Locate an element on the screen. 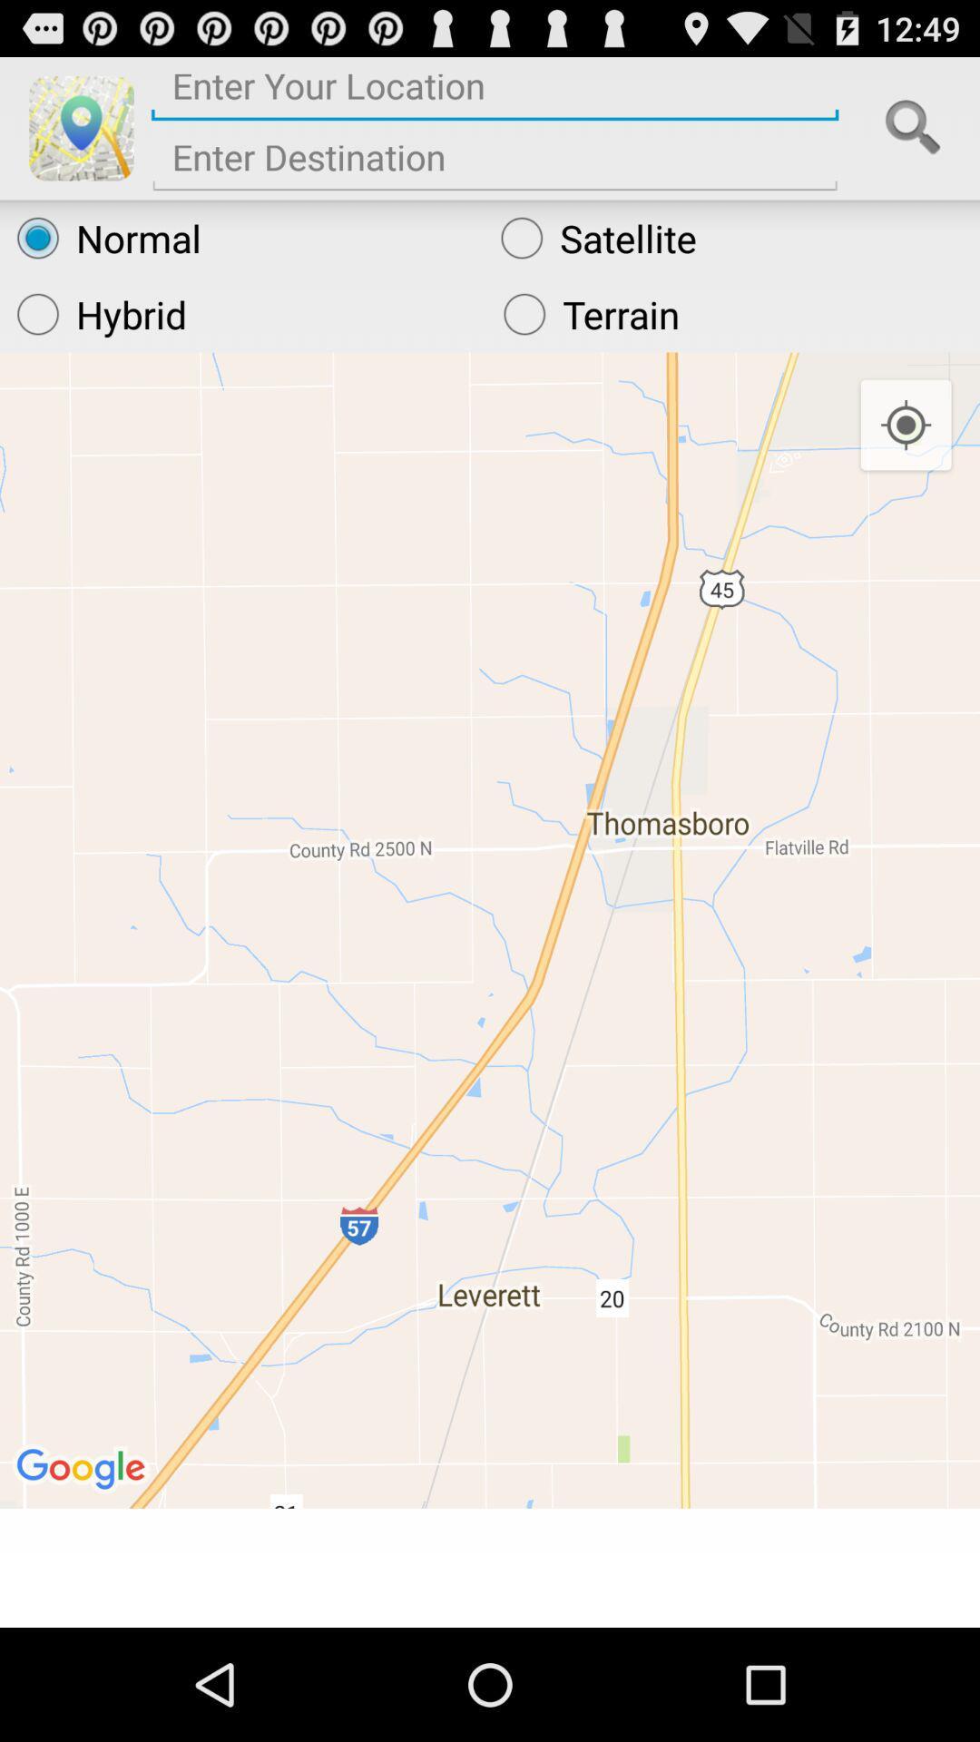 The width and height of the screenshot is (980, 1742). current location is located at coordinates (495, 92).